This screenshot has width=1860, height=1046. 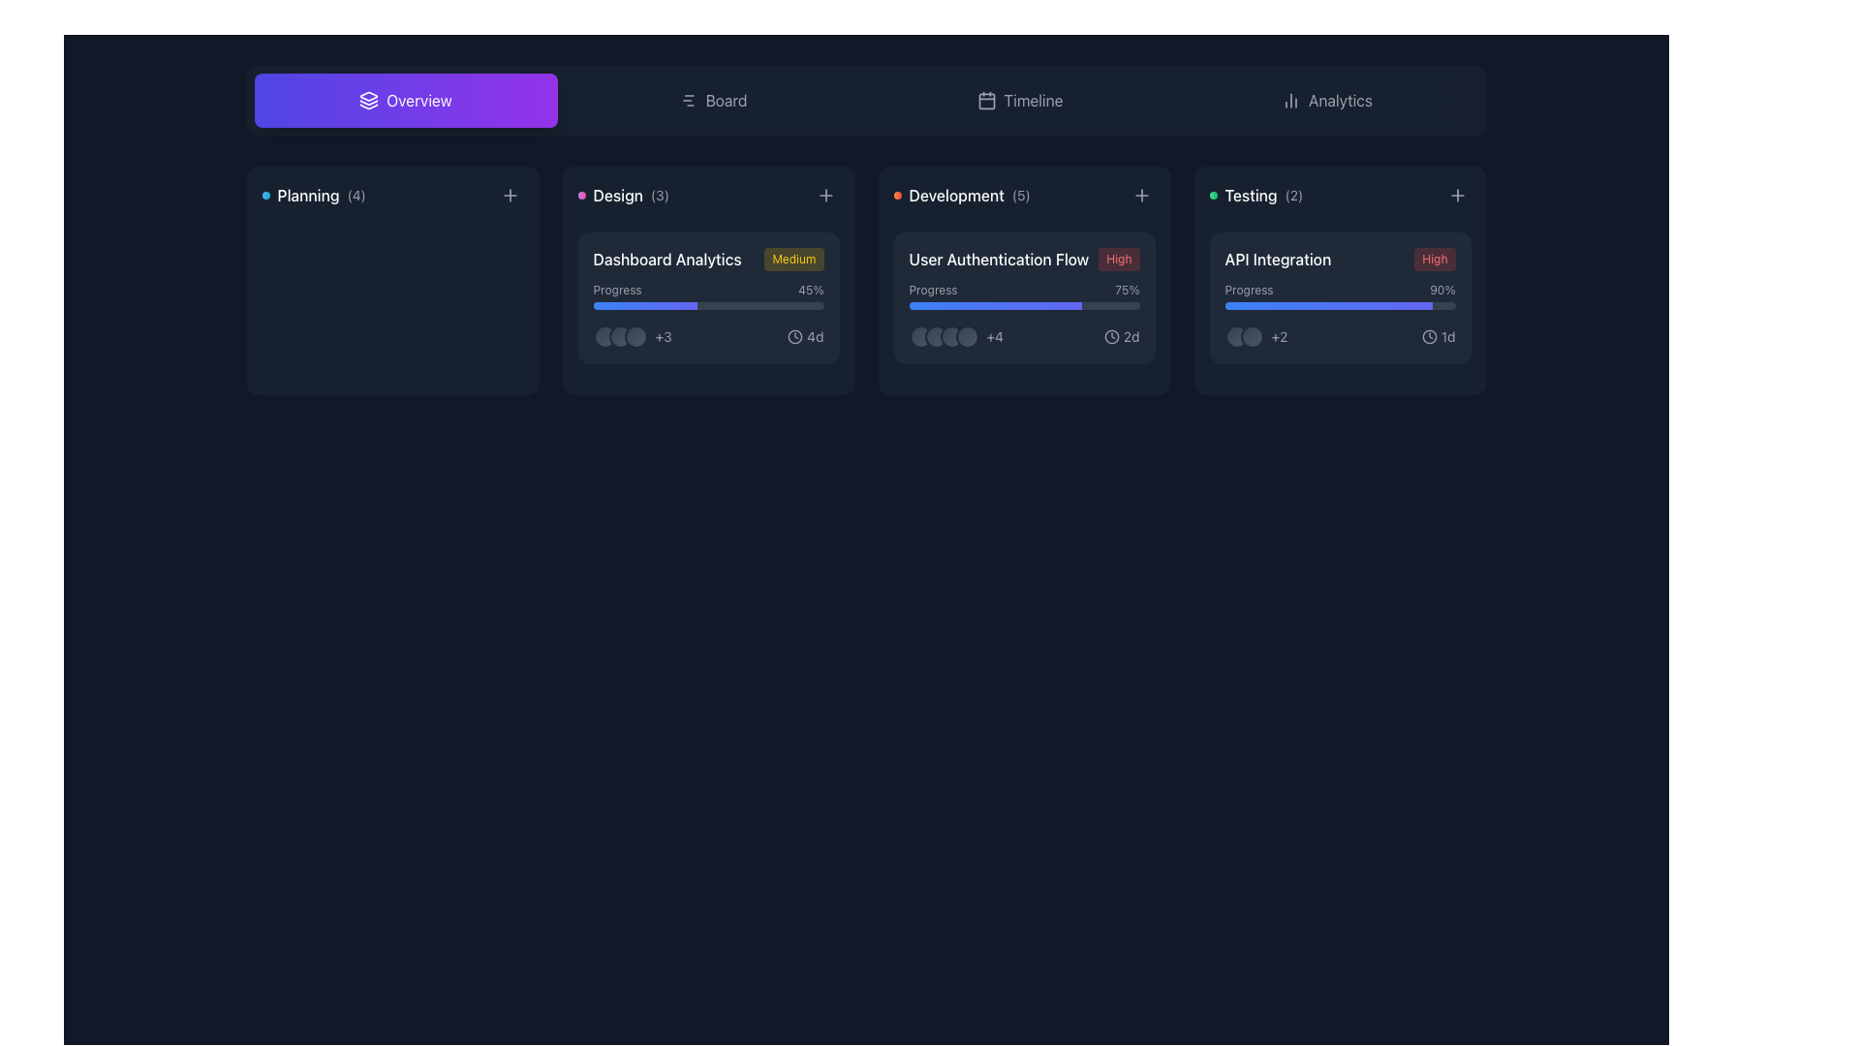 What do you see at coordinates (1255, 195) in the screenshot?
I see `the label indicating the 'Testing' category with the item count '(2)' in the 'API Integration' card within the 'Development' section` at bounding box center [1255, 195].